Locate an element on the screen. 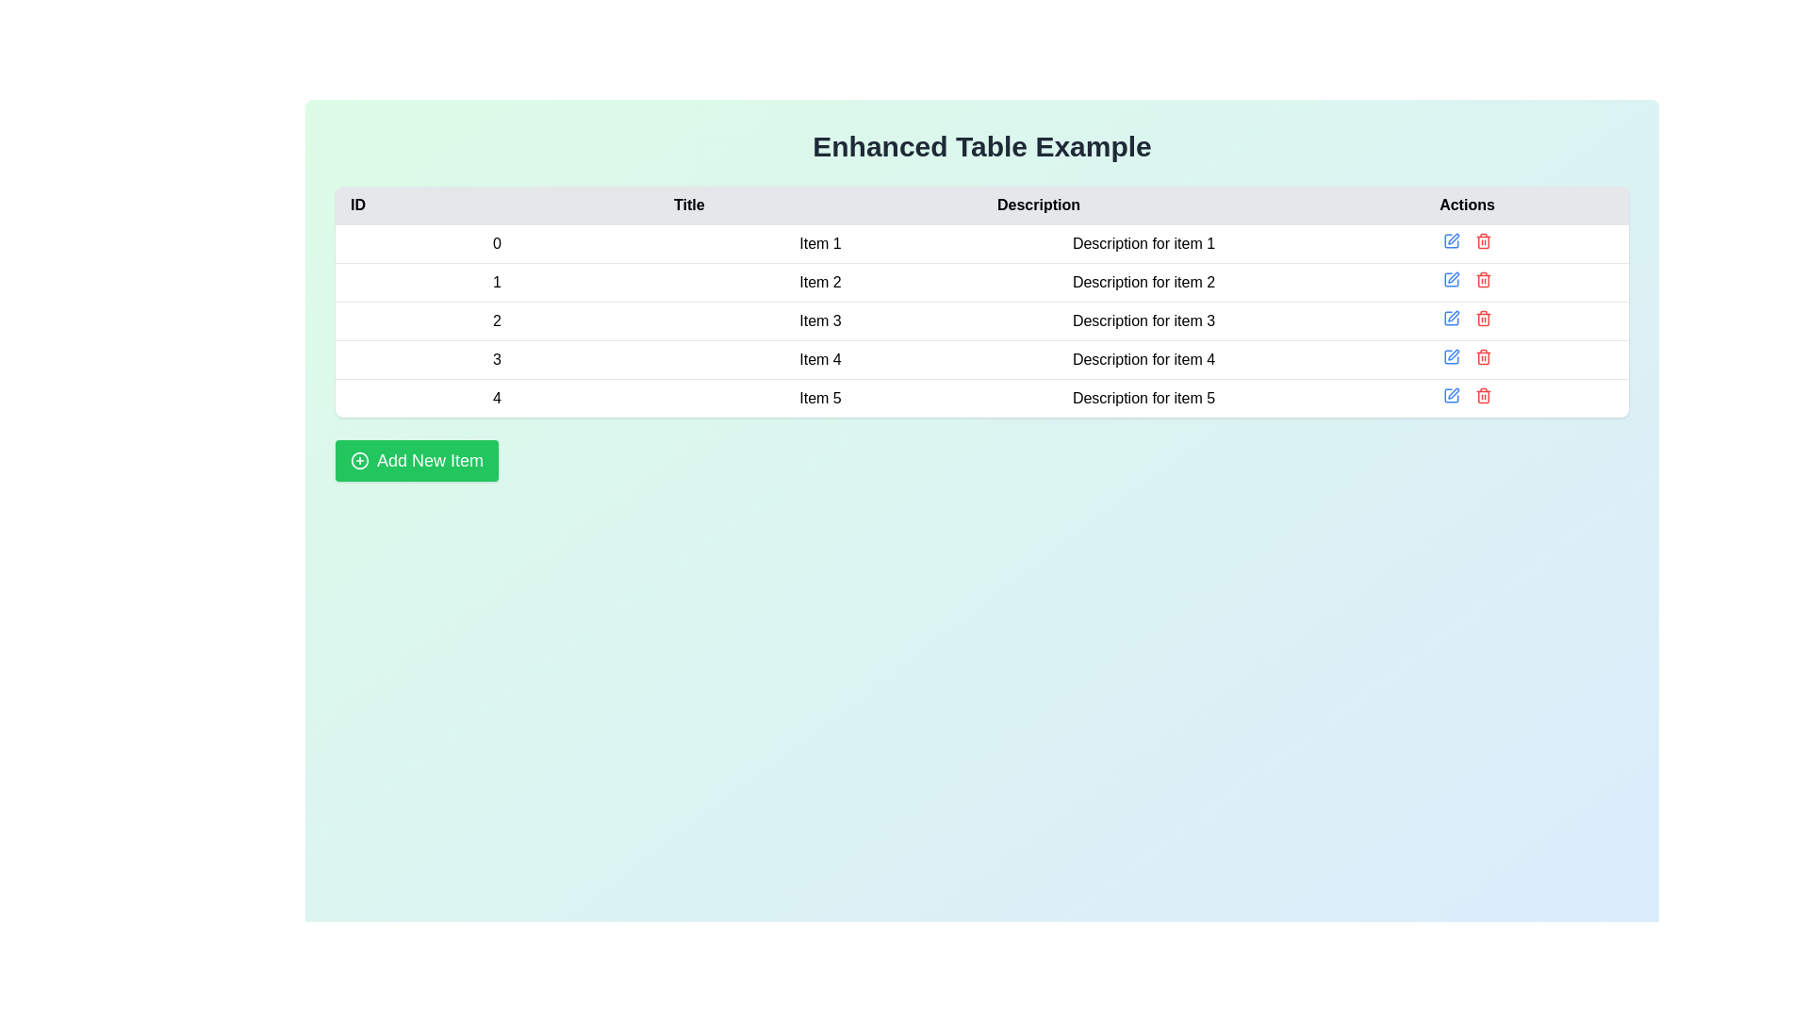 The height and width of the screenshot is (1018, 1810). the edit icon resembling a pen or pencil located in the 'Actions' column adjacent to the second row's 'Description for item 2' is located at coordinates (1452, 277).